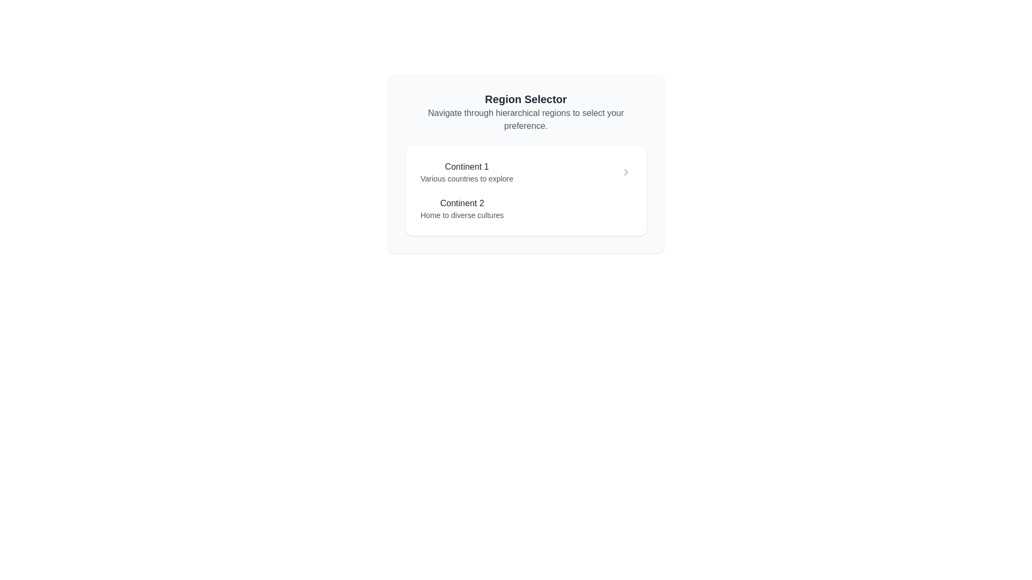 This screenshot has width=1032, height=580. I want to click on the header text label in the second row of the list that identifies the section 'Home to diverse cultures' to trigger tooltips or styles, so click(462, 203).